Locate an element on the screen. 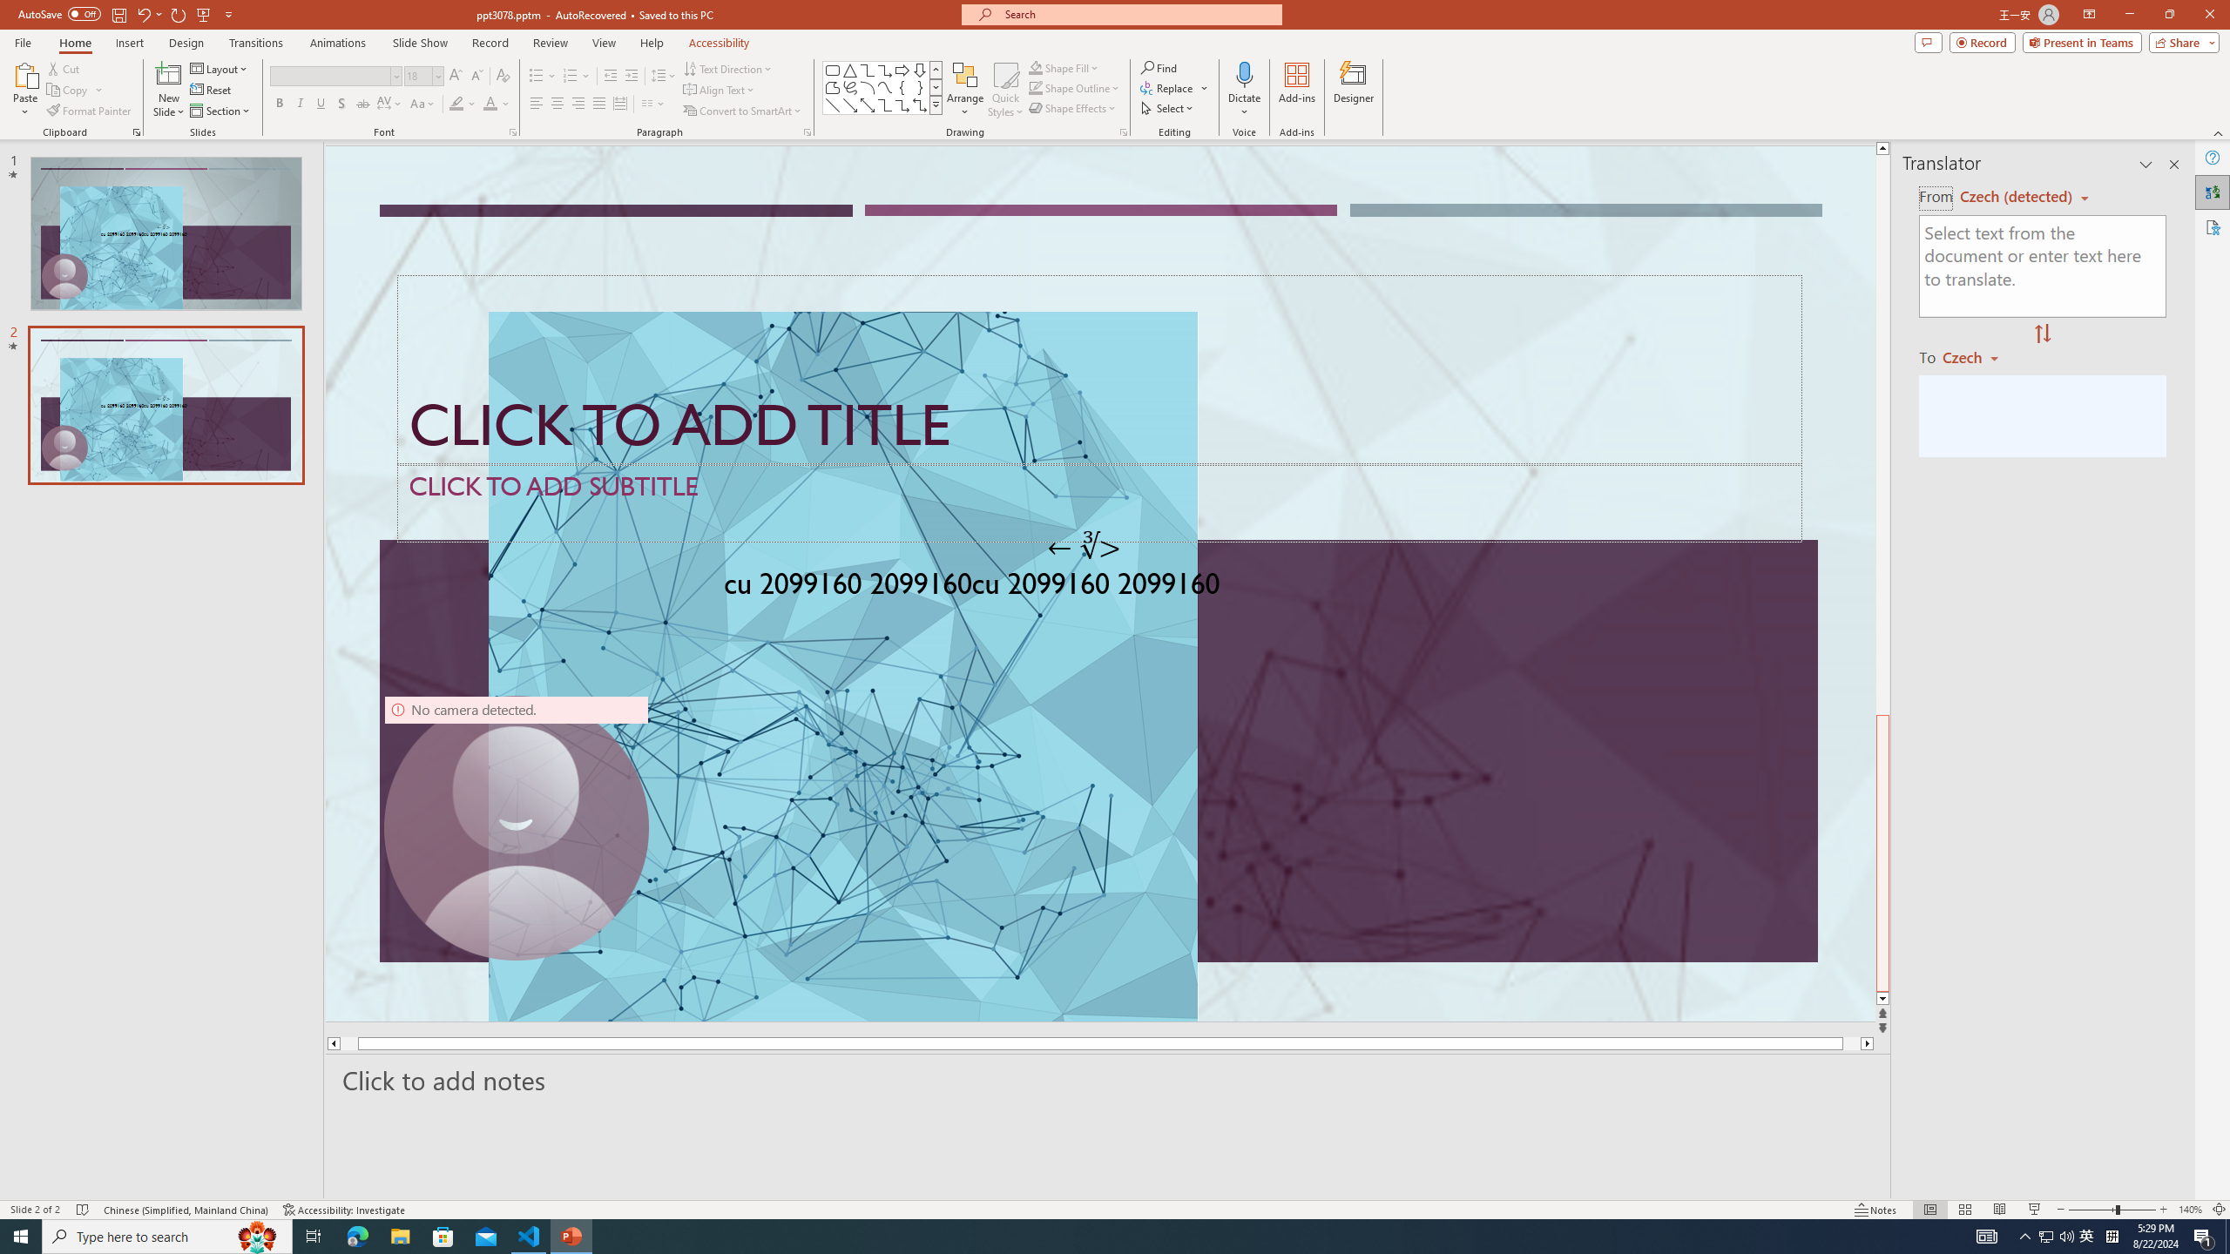 The width and height of the screenshot is (2230, 1254). 'TextBox 7' is located at coordinates (1084, 547).